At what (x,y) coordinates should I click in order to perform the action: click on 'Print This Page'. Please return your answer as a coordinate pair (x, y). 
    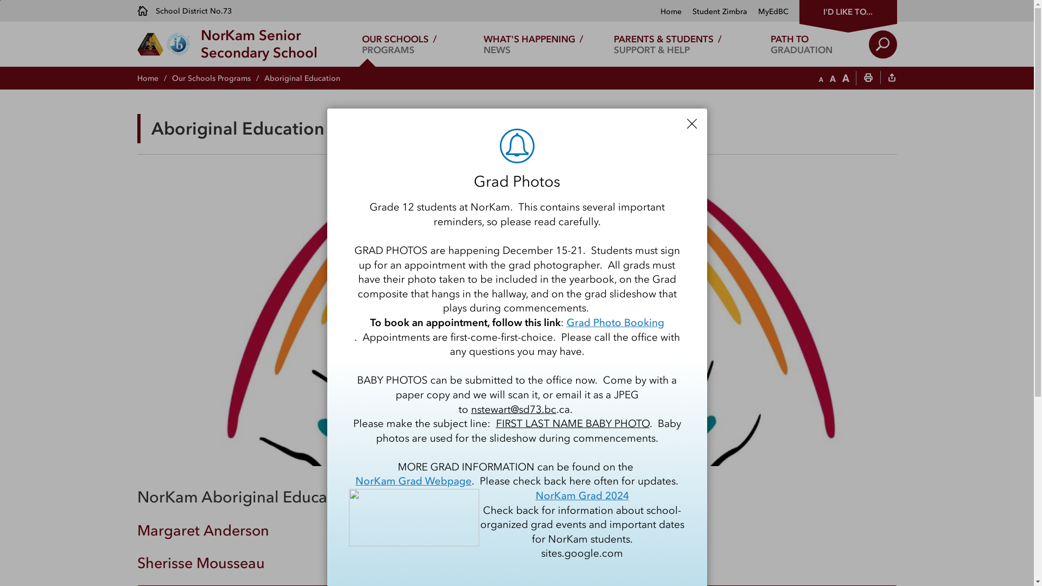
    Looking at the image, I should click on (867, 78).